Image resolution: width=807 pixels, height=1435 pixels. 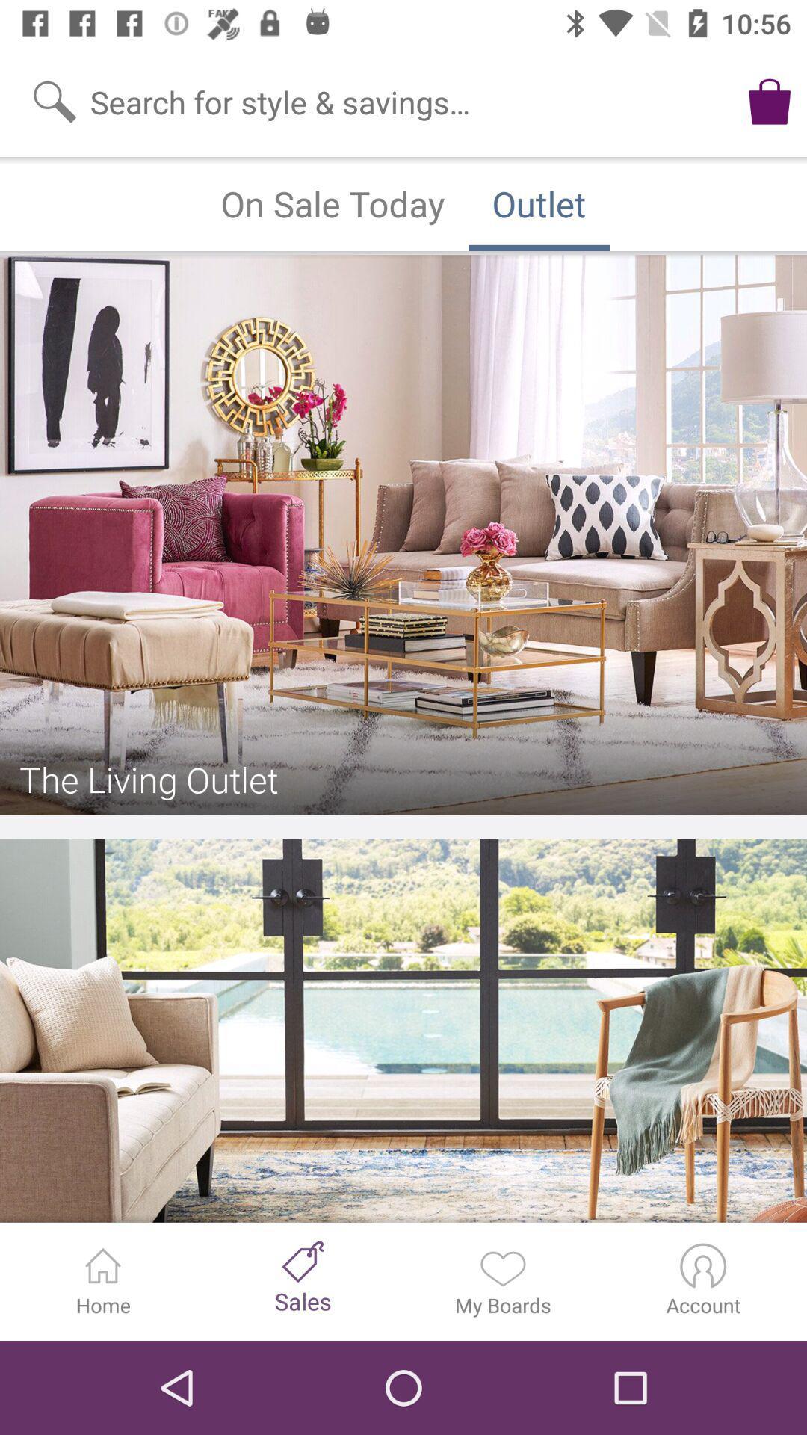 I want to click on home along with symbol at the bottom, so click(x=102, y=1280).